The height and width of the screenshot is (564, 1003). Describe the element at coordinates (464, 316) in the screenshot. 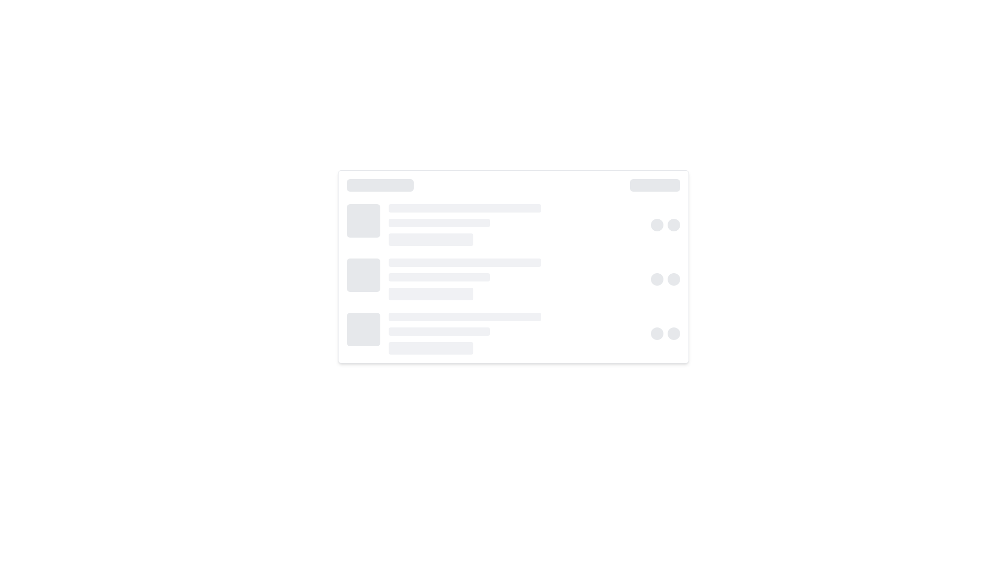

I see `the first decorative placeholder or visual separator, which is a horizontal bar with a light gray background and rounded ends, positioned slightly above the middle of the interface` at that location.